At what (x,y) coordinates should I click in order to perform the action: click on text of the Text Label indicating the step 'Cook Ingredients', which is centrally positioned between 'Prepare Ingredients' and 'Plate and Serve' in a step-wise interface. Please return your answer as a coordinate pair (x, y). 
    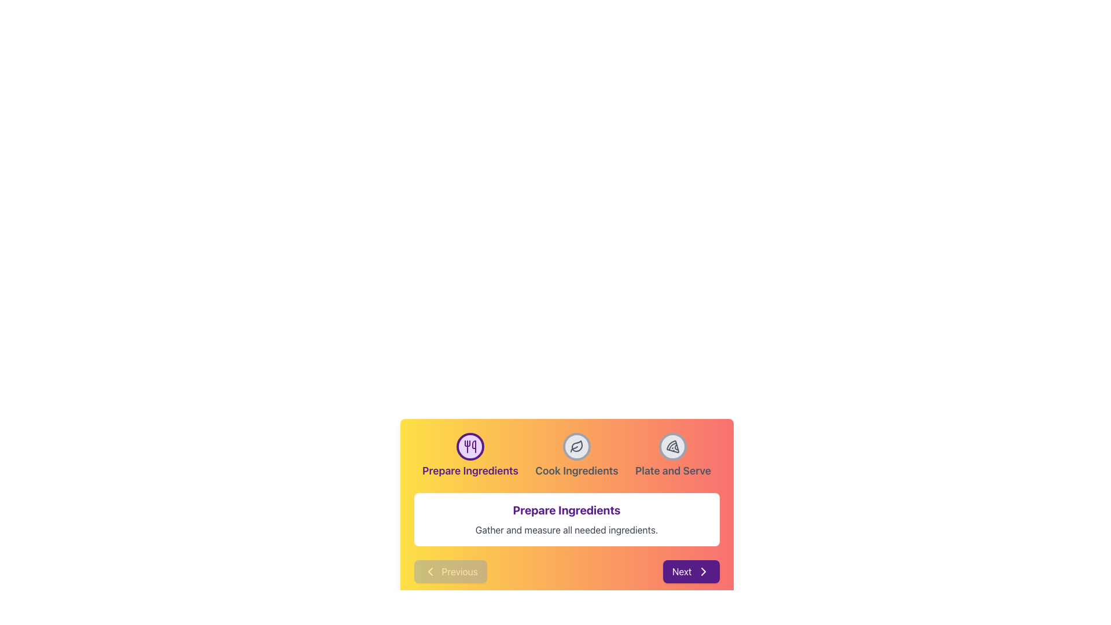
    Looking at the image, I should click on (576, 470).